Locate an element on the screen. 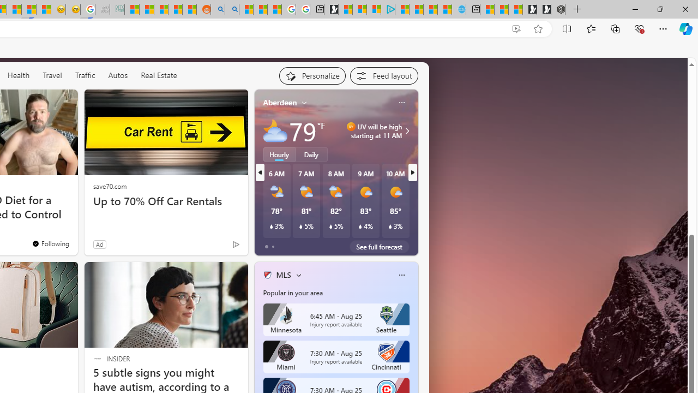  'Personalize your feed"' is located at coordinates (311, 75).